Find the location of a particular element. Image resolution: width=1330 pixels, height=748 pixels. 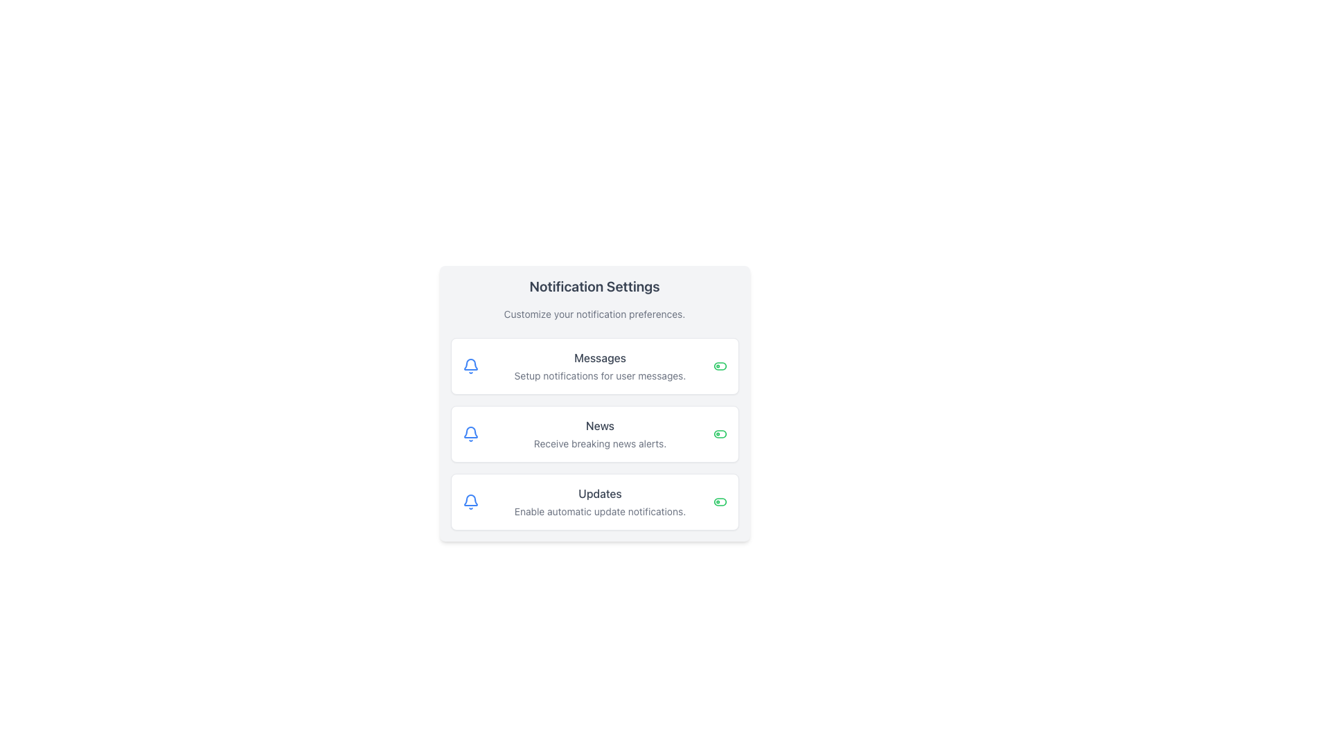

the toggle in the second section of the Card for notification management controls is located at coordinates (594, 434).